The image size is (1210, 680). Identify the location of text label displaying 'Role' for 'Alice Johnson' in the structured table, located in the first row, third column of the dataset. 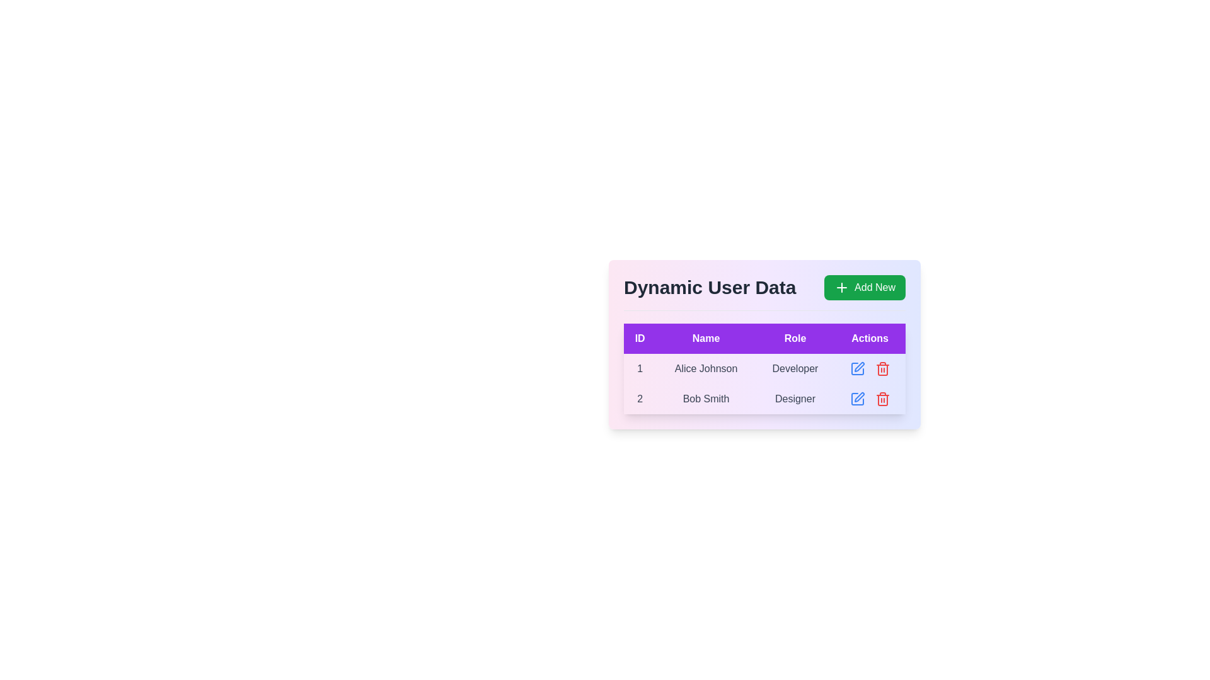
(795, 368).